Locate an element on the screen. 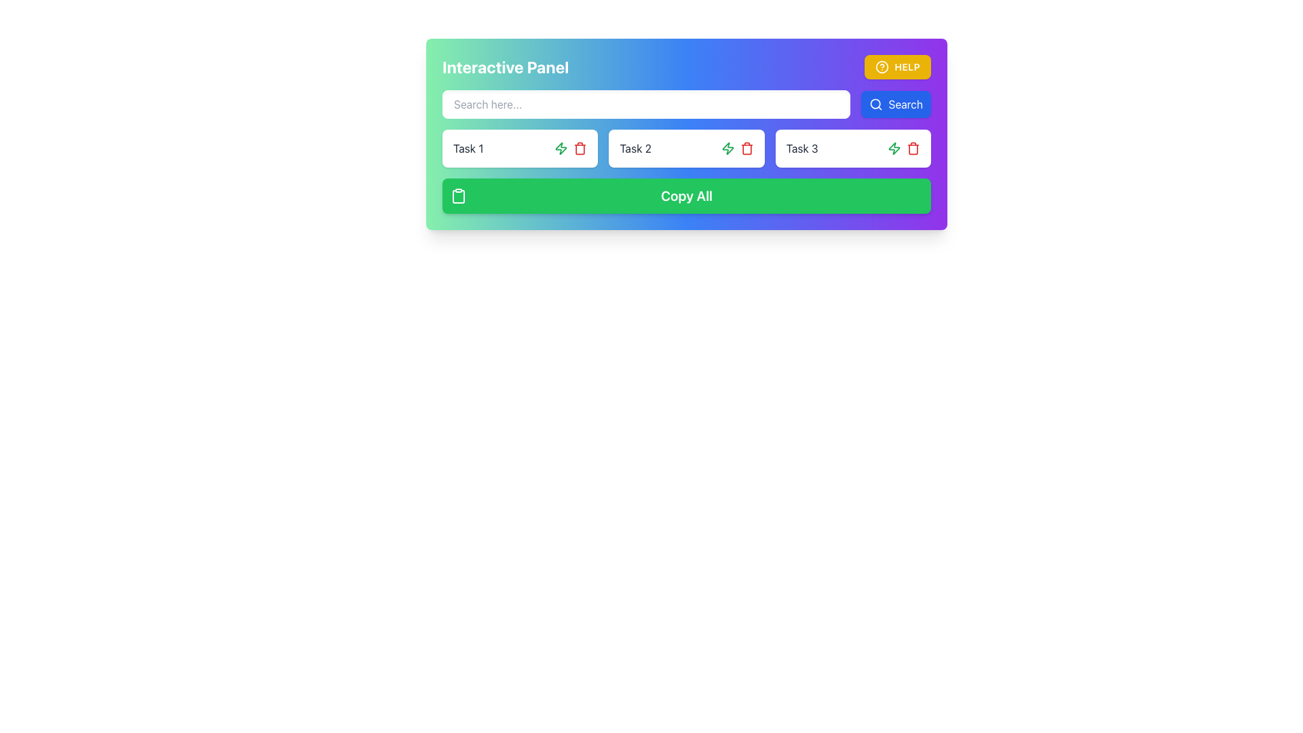 The image size is (1303, 733). the first icon in the button group that activates a task or action, located to the left of the trash icon is located at coordinates (894, 149).